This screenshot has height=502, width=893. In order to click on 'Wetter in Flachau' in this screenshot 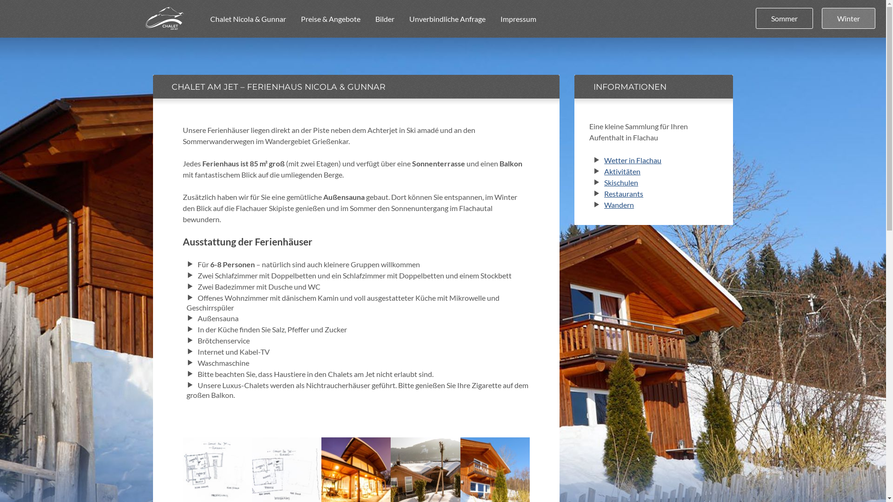, I will do `click(604, 159)`.